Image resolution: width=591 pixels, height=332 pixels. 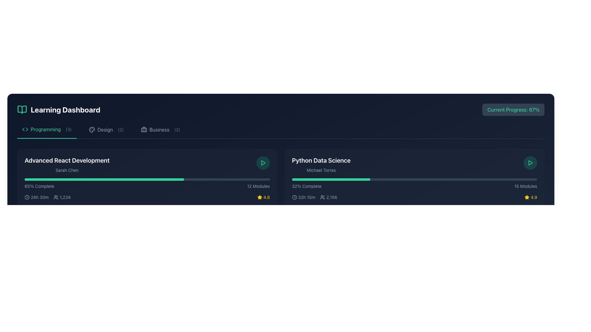 I want to click on the circular palette icon located within the 'Design' tab, which is characterized by its light gray outline and small circular indentations for color areas, so click(x=91, y=129).